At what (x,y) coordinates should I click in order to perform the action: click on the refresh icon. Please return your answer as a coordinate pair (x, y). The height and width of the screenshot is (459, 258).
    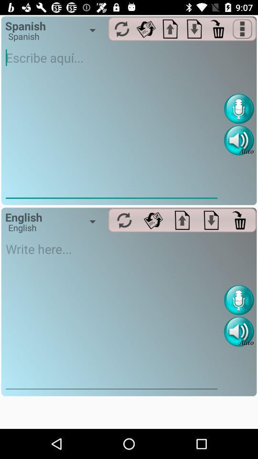
    Looking at the image, I should click on (153, 220).